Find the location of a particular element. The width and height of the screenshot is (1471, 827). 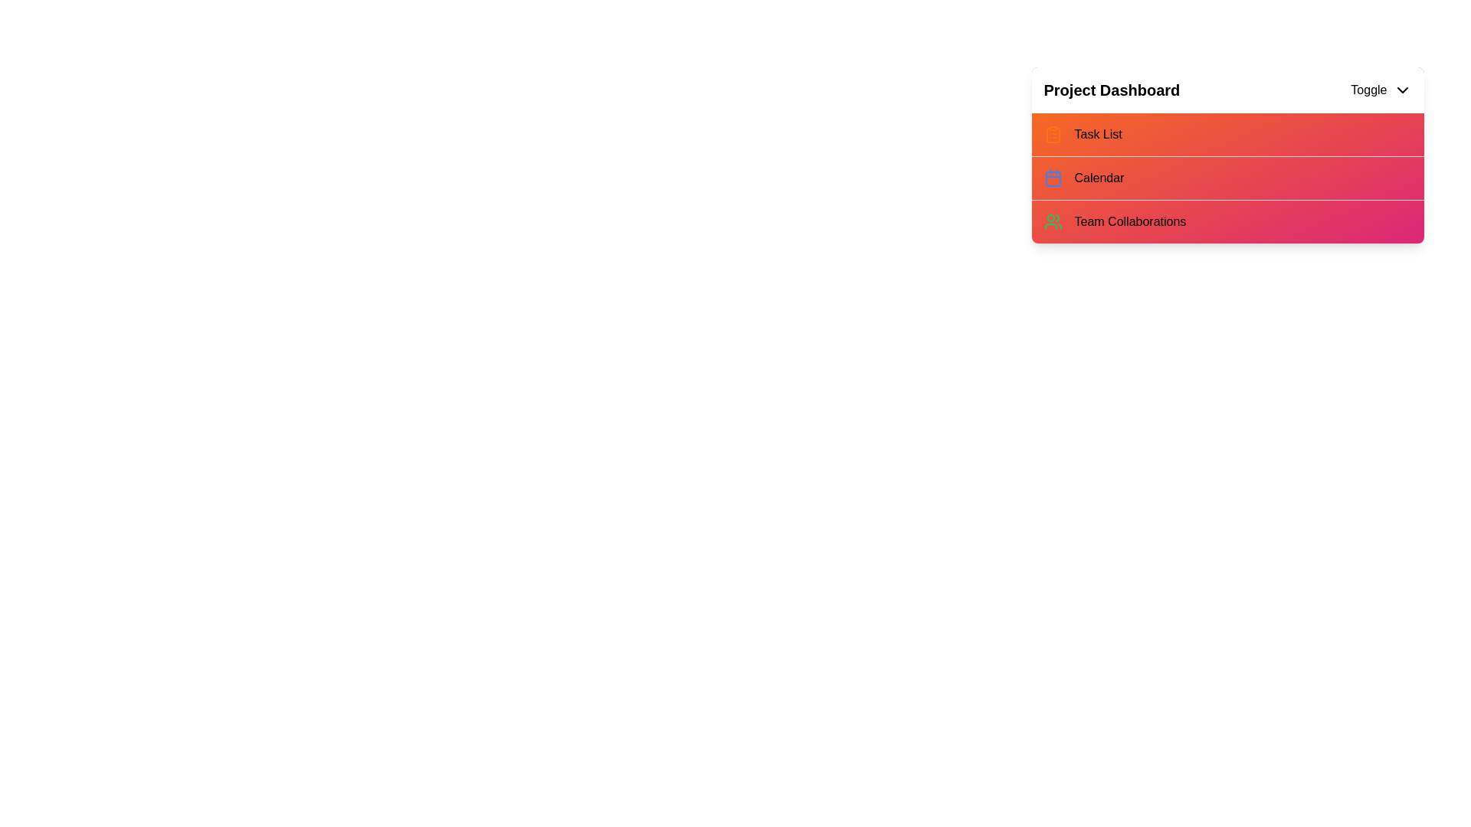

the 'Project Dashboard' text in the menu header is located at coordinates (1111, 90).